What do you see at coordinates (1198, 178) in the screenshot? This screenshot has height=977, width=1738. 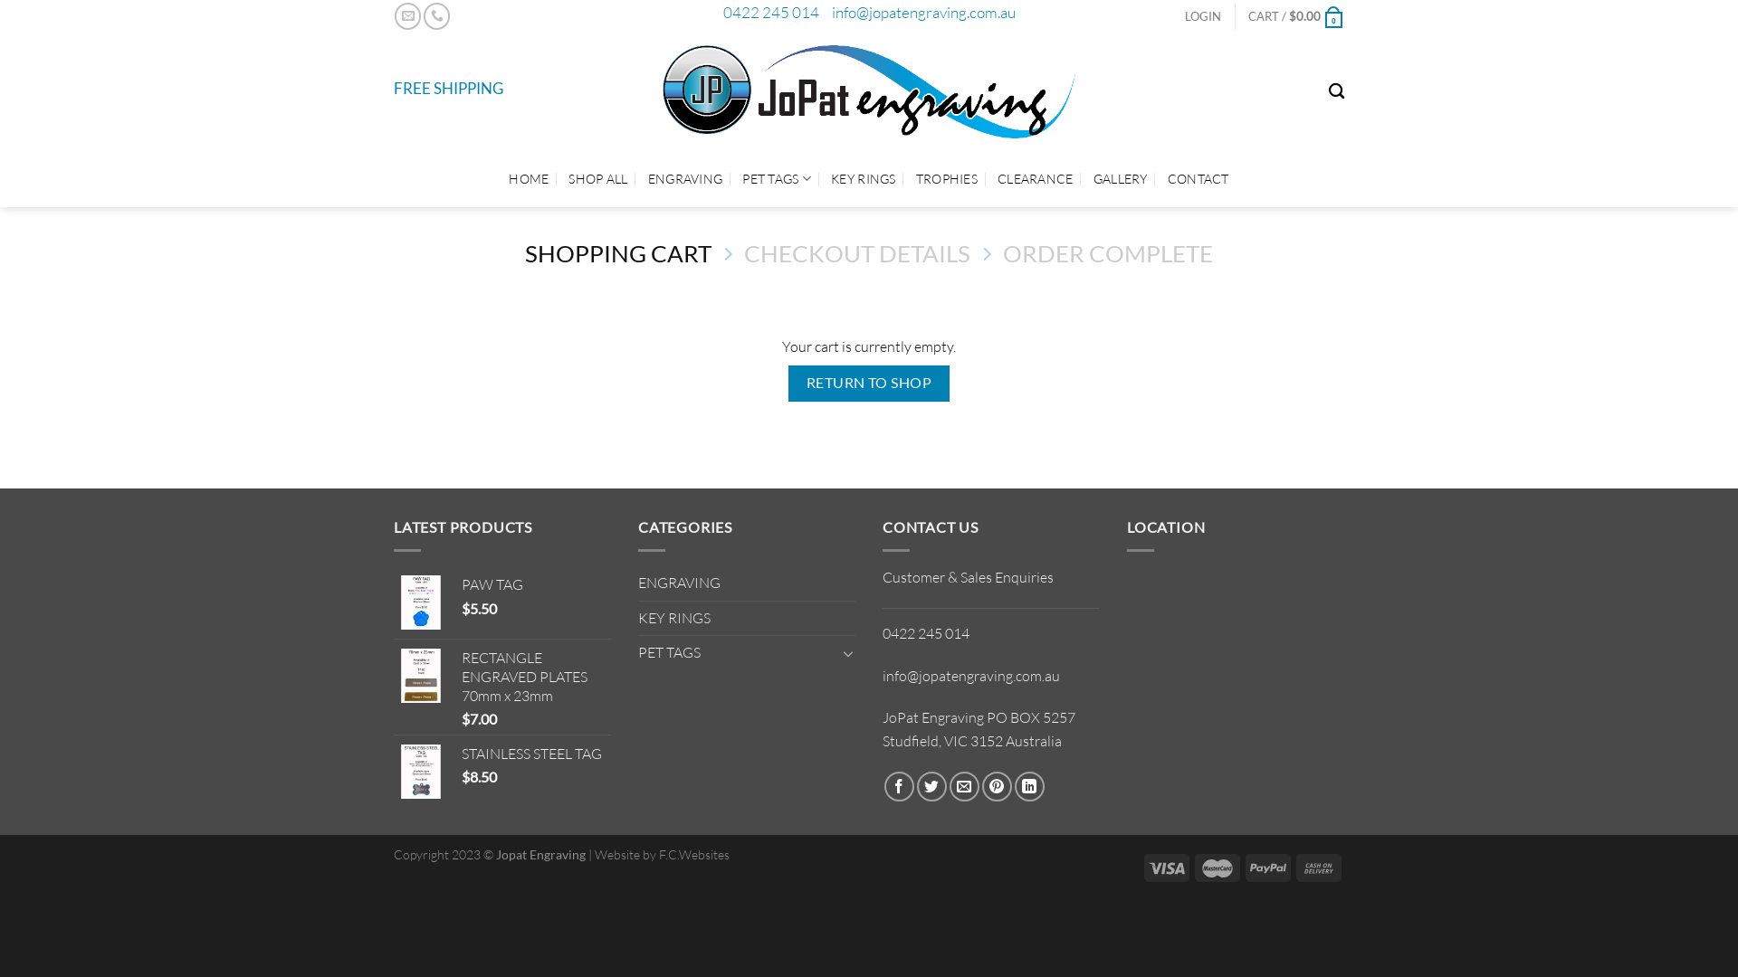 I see `'CONTACT'` at bounding box center [1198, 178].